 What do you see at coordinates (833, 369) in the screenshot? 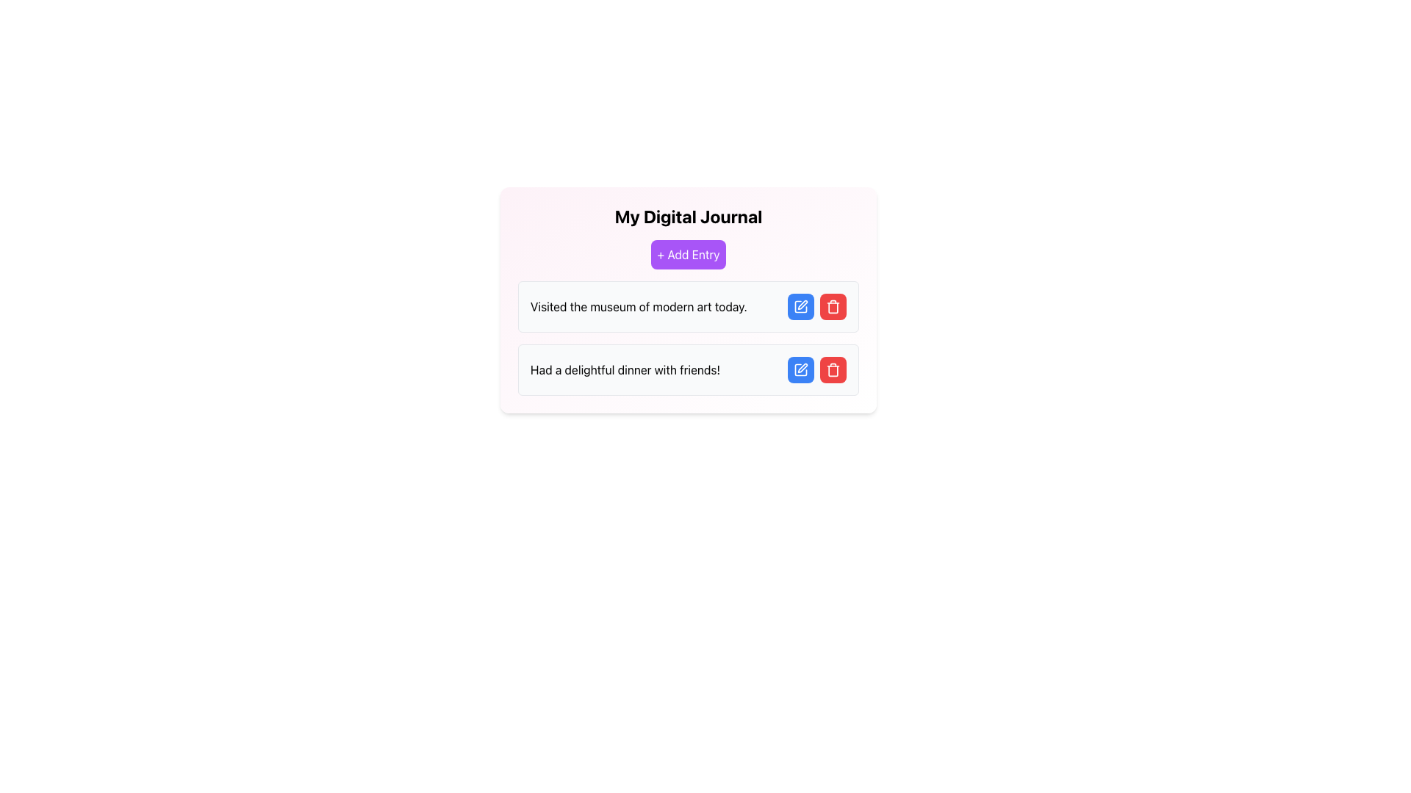
I see `the red rounded rectangular delete button with a trash bin icon located in the second row of the journal interface to observe its hover effect` at bounding box center [833, 369].